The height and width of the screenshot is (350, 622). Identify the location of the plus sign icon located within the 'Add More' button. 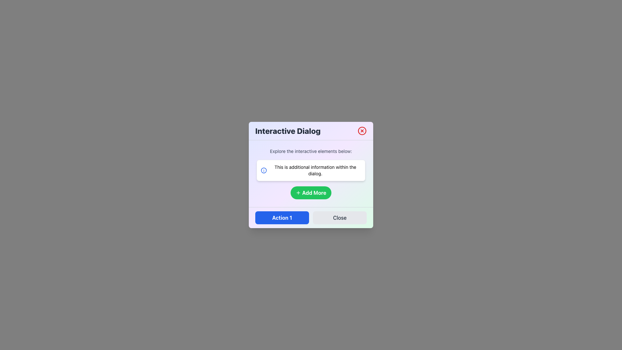
(298, 192).